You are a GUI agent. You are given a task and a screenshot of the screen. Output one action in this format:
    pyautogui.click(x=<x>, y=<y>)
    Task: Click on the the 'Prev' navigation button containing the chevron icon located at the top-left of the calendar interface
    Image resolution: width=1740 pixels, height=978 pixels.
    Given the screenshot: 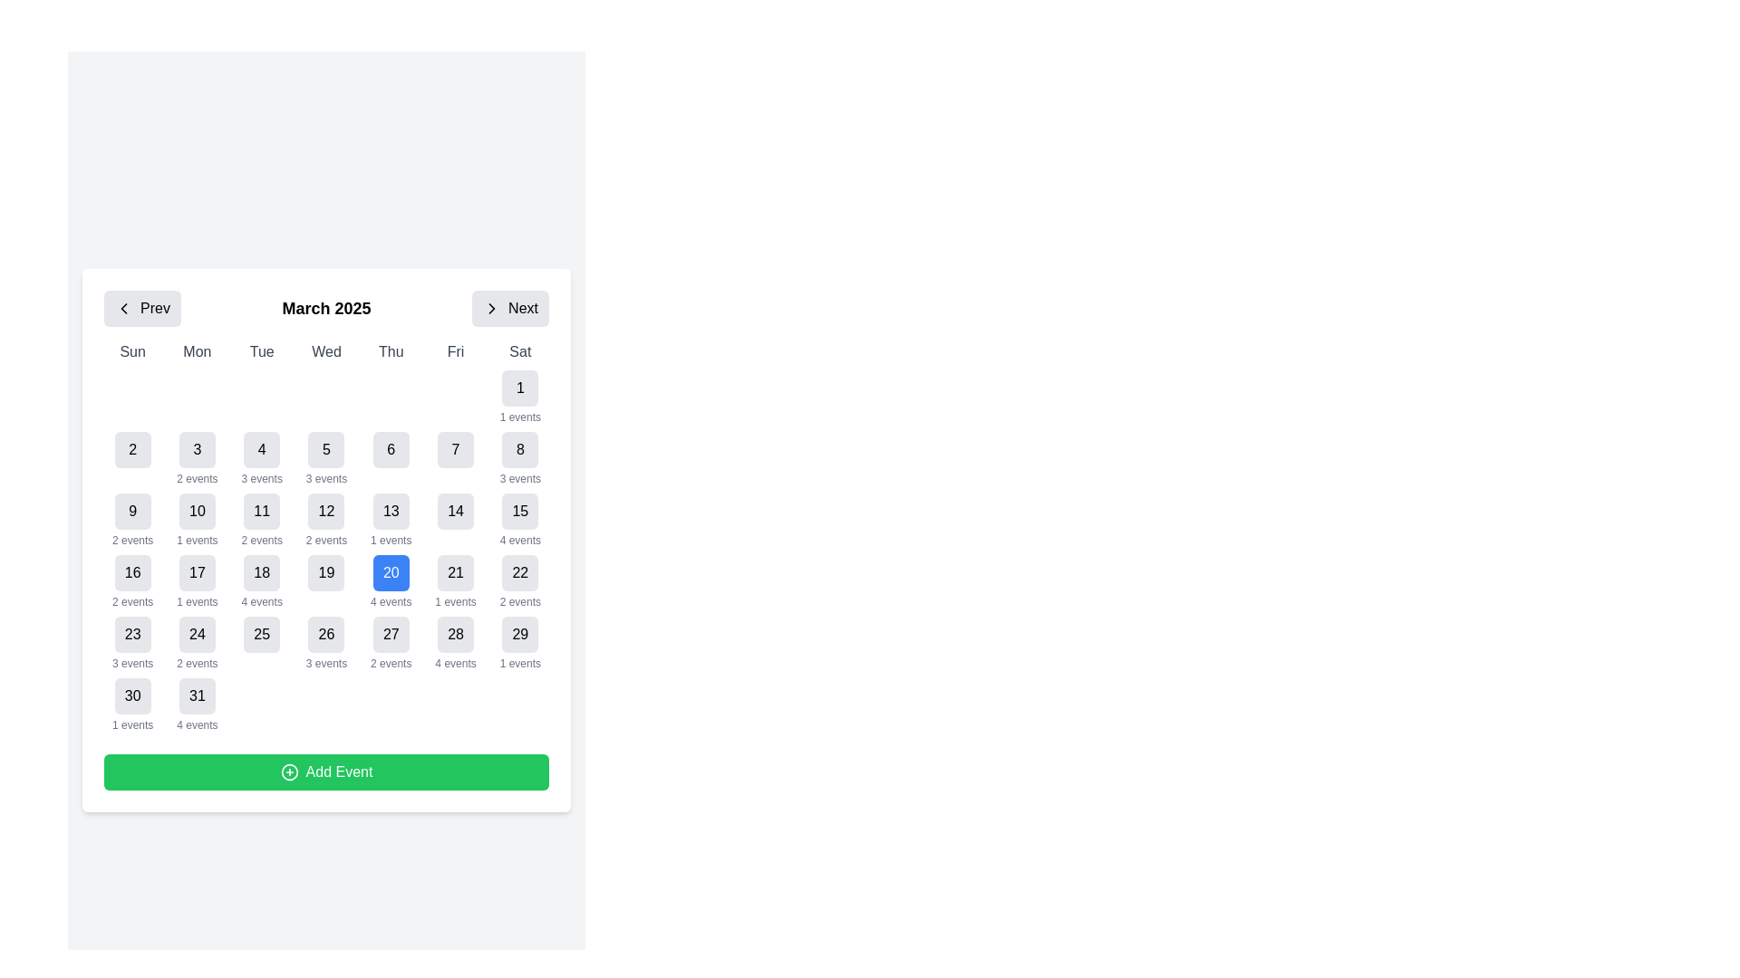 What is the action you would take?
    pyautogui.click(x=123, y=307)
    